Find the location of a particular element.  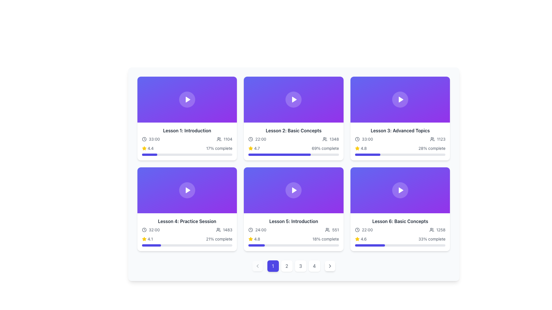

the Progress Bar Segment located at the bottom of the 'Lesson 4: Practice Session' card, which is a short rectangular UI component with rounded edges styled in indigo hues is located at coordinates (151, 245).